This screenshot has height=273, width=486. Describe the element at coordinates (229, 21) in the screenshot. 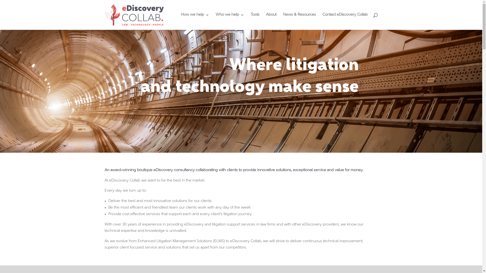

I see `'Who we help'` at that location.